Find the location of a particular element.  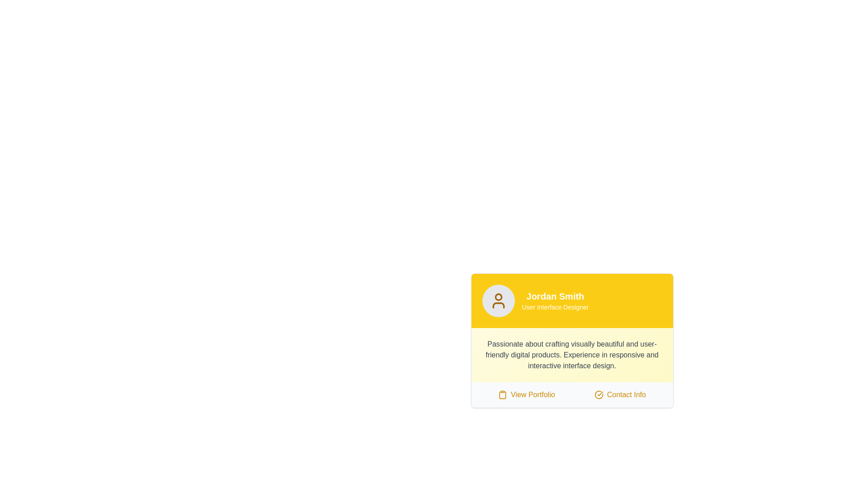

the styling of the user icon component located at the header section of the profile card, specifically targeting the lower arc of the icon is located at coordinates (498, 305).